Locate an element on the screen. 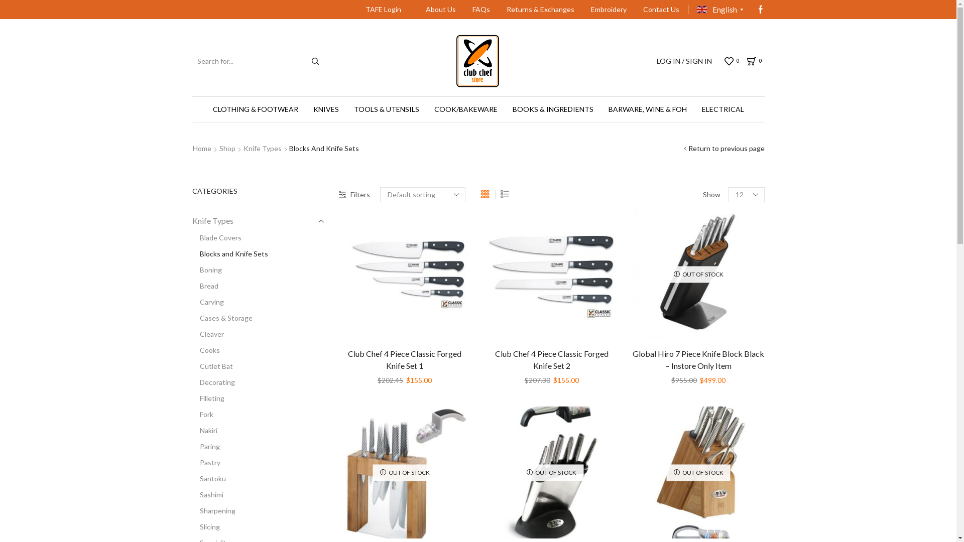 The width and height of the screenshot is (964, 542). 'Log in' is located at coordinates (568, 224).